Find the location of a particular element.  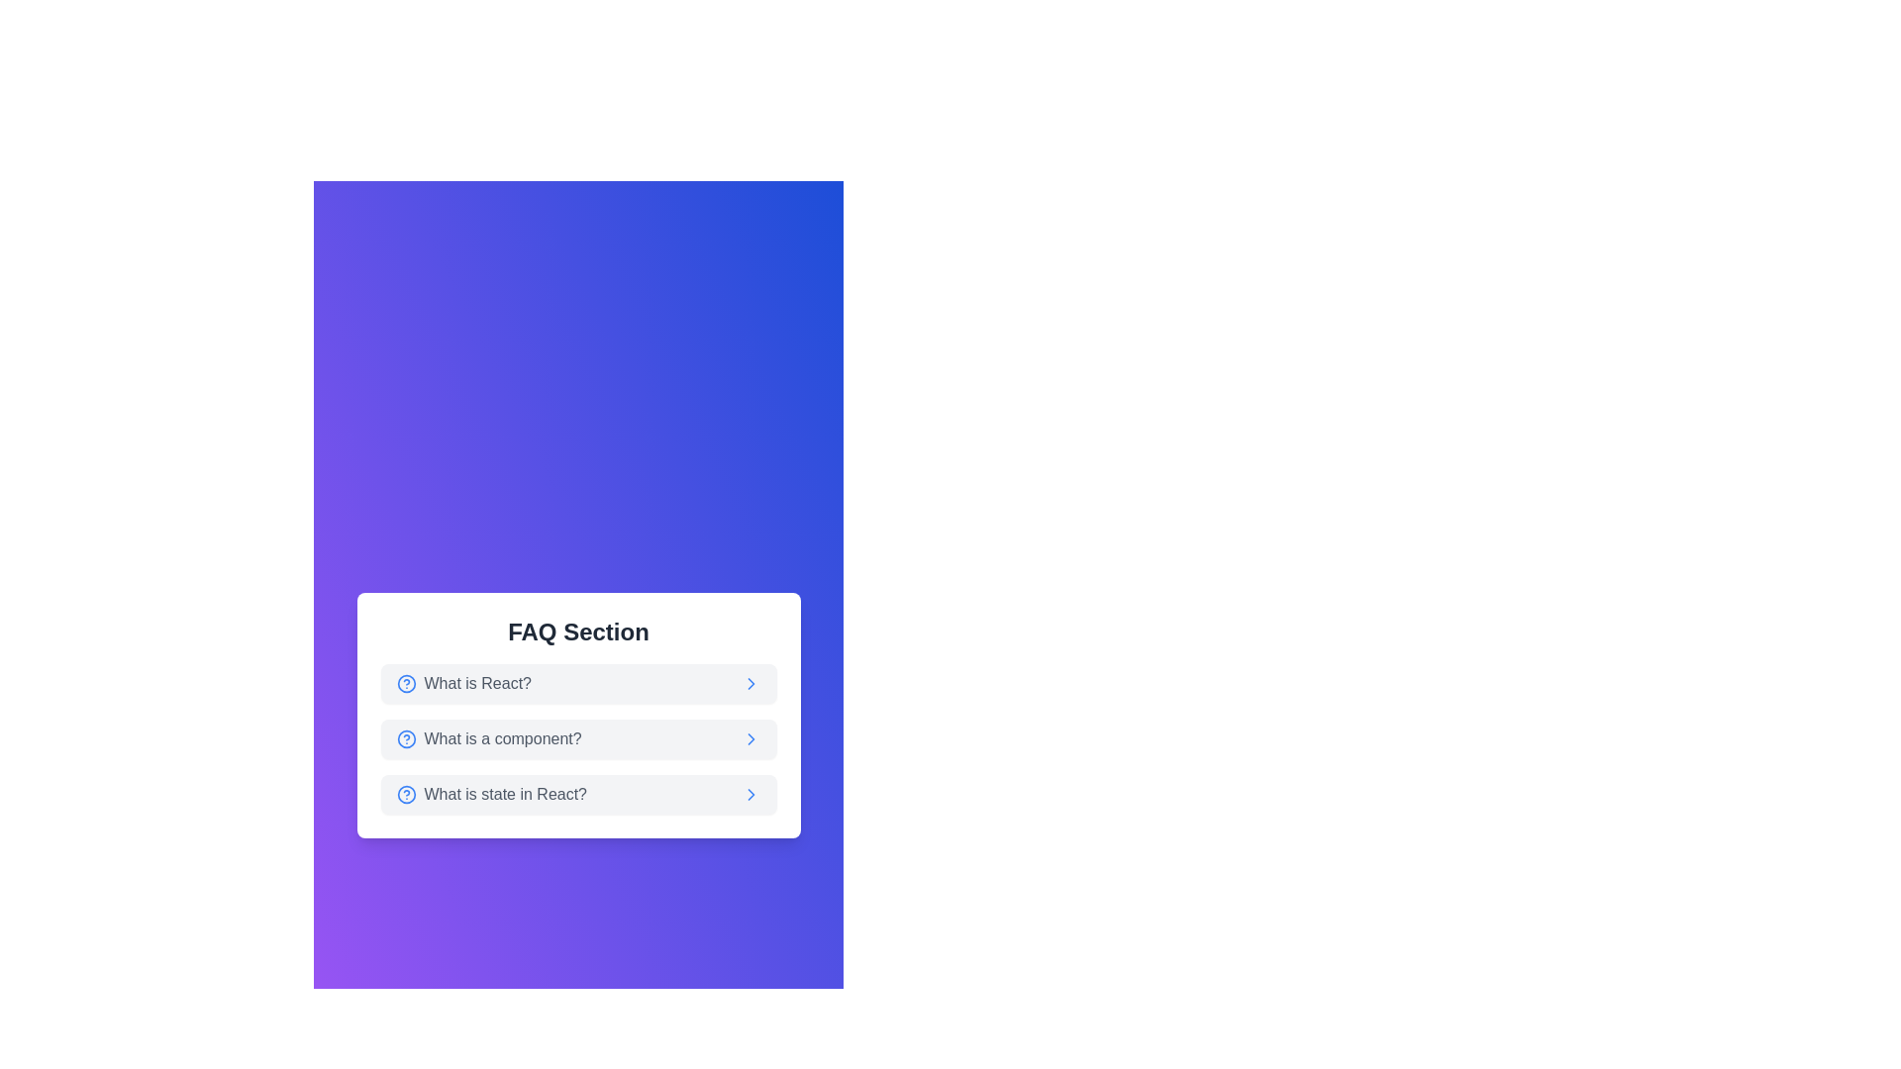

the FAQ list item labeled 'What is state in React?' to view the context menu is located at coordinates (577, 793).